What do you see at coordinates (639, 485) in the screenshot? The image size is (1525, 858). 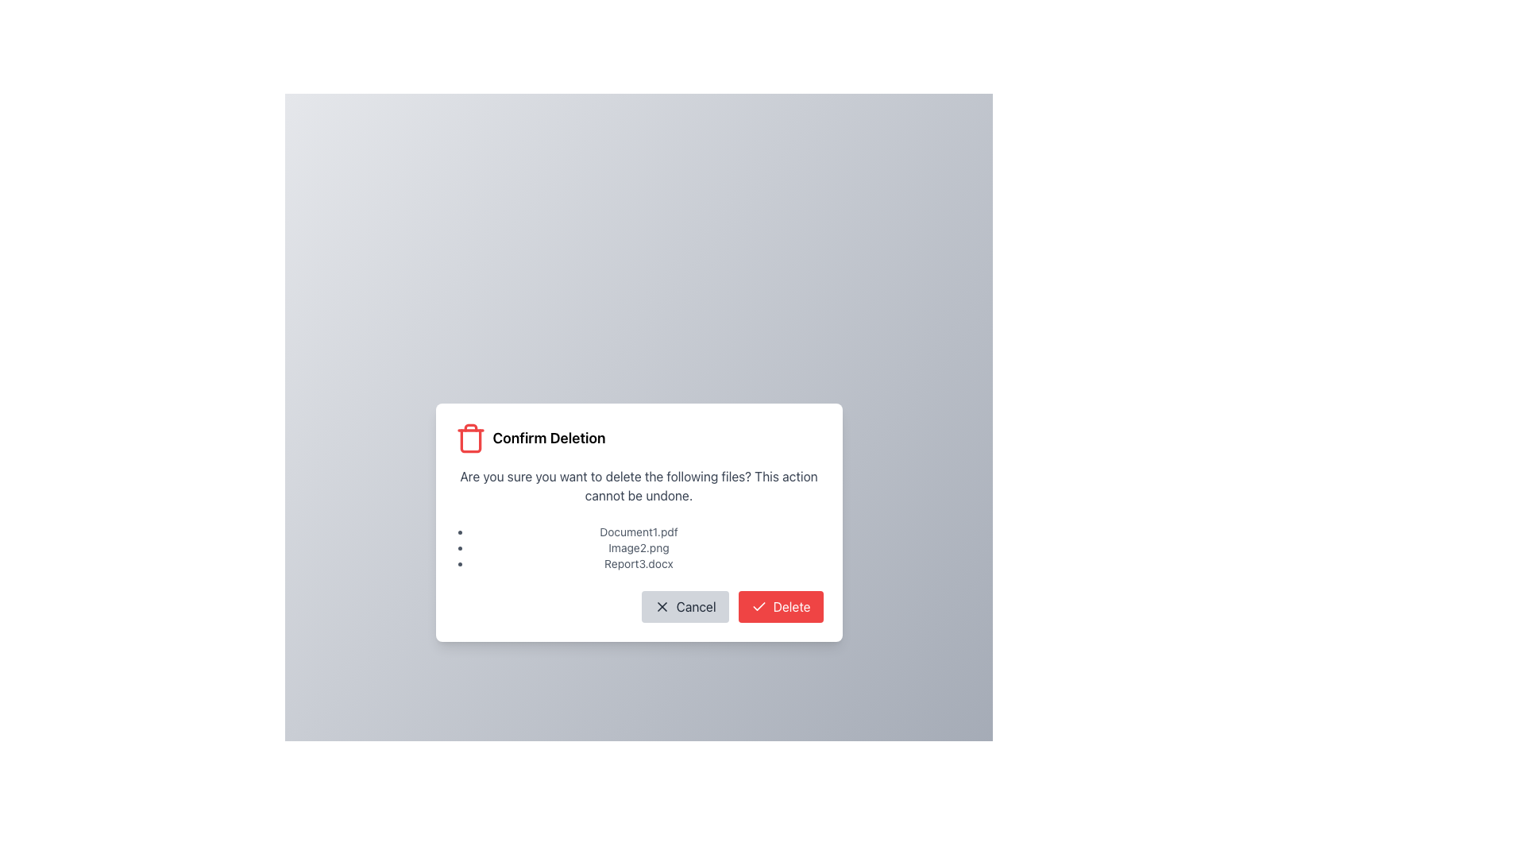 I see `the warning message text label that indicates the irreversibility of file deletion, located below the 'Confirm Deletion' header` at bounding box center [639, 485].